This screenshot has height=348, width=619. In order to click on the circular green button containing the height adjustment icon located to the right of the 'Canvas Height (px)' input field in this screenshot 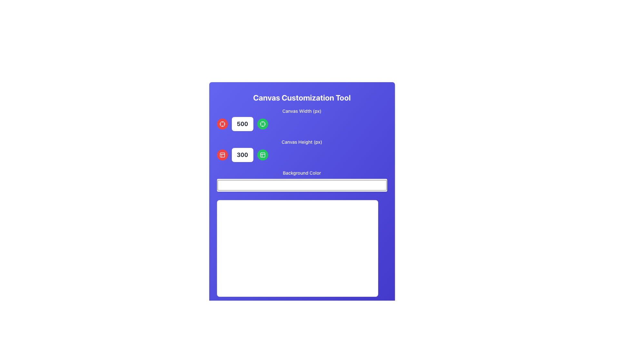, I will do `click(262, 155)`.